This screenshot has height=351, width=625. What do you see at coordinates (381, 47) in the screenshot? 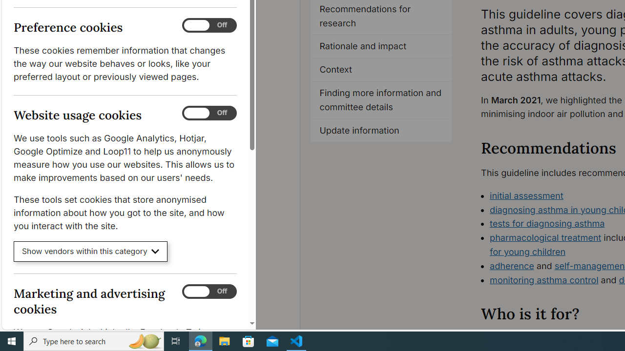
I see `'Rationale and impact'` at bounding box center [381, 47].